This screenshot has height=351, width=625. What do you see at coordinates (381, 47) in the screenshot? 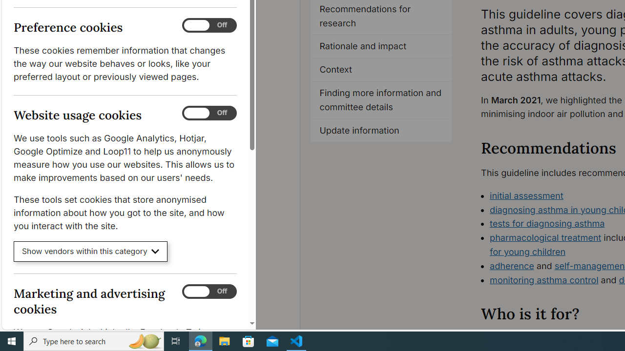
I see `'Rationale and impact'` at bounding box center [381, 47].